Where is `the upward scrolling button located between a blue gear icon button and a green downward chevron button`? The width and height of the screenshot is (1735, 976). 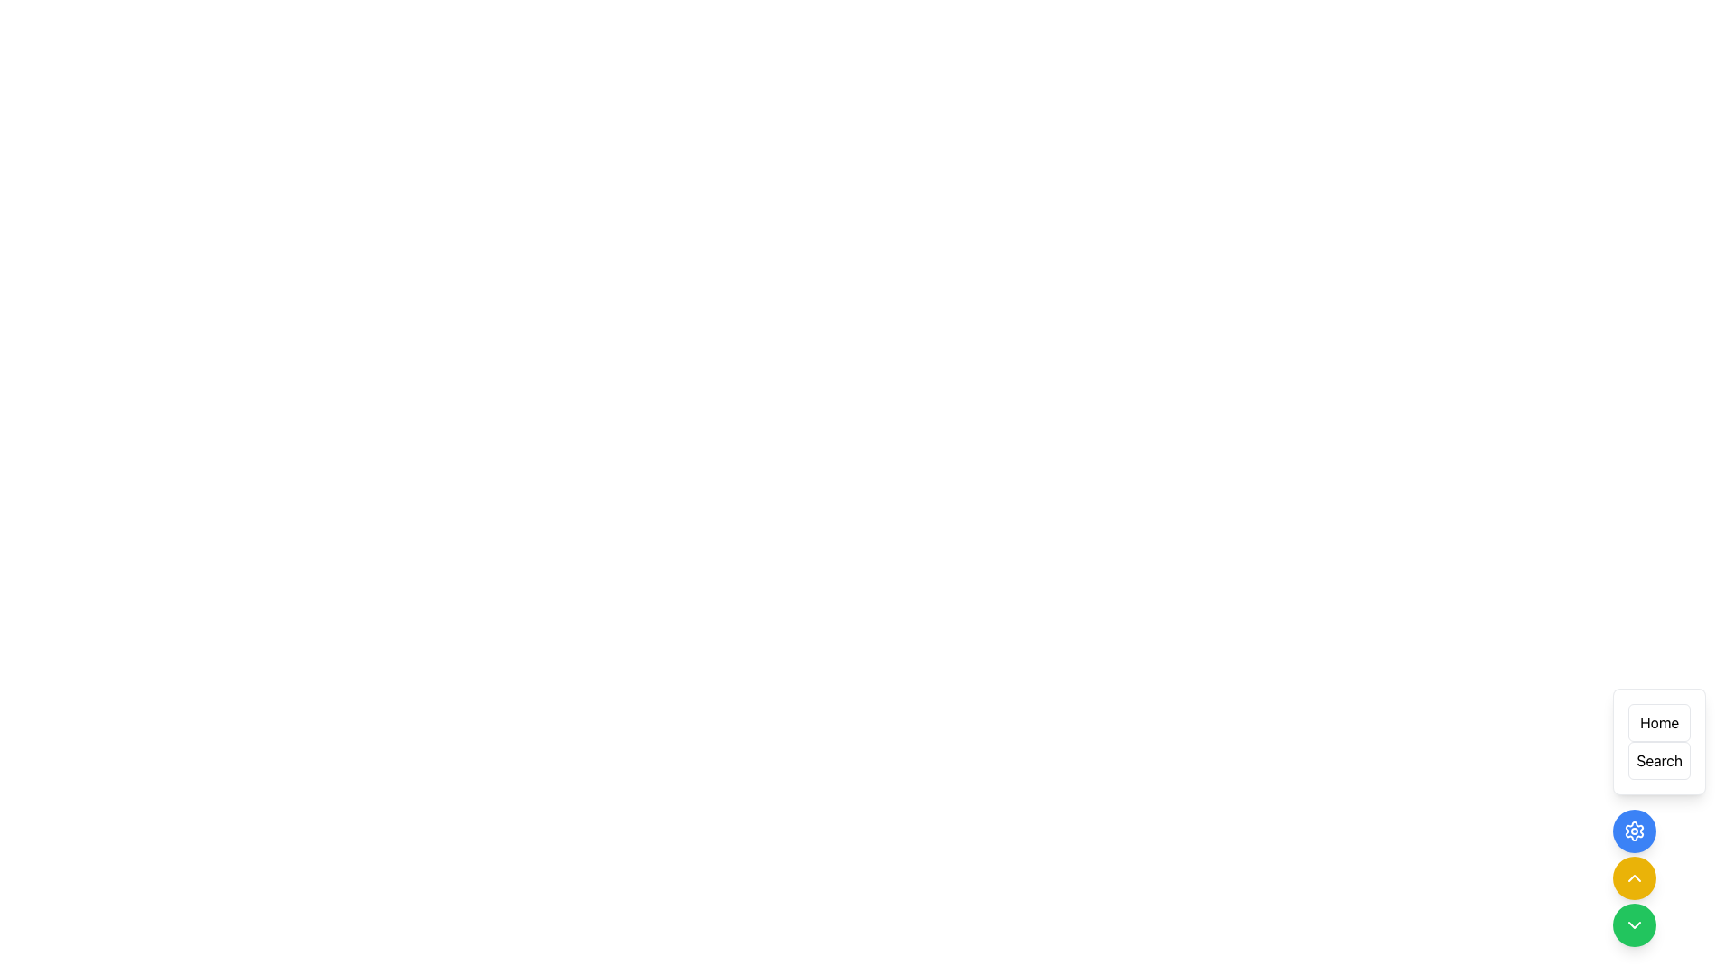 the upward scrolling button located between a blue gear icon button and a green downward chevron button is located at coordinates (1635, 877).